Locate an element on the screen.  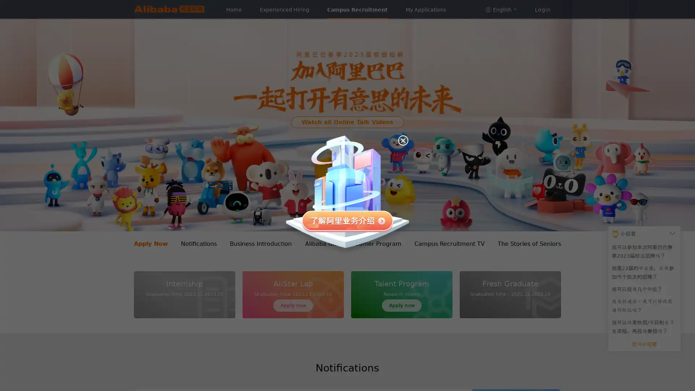
Apply now is located at coordinates (293, 306).